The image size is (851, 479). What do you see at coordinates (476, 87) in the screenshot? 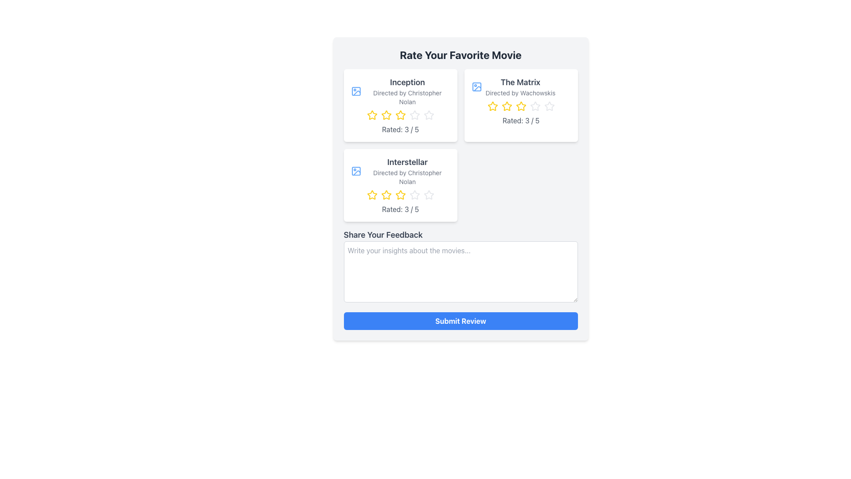
I see `the icon representing media content related to 'The Matrix' movie, located to the left of the title text in the second movie card` at bounding box center [476, 87].